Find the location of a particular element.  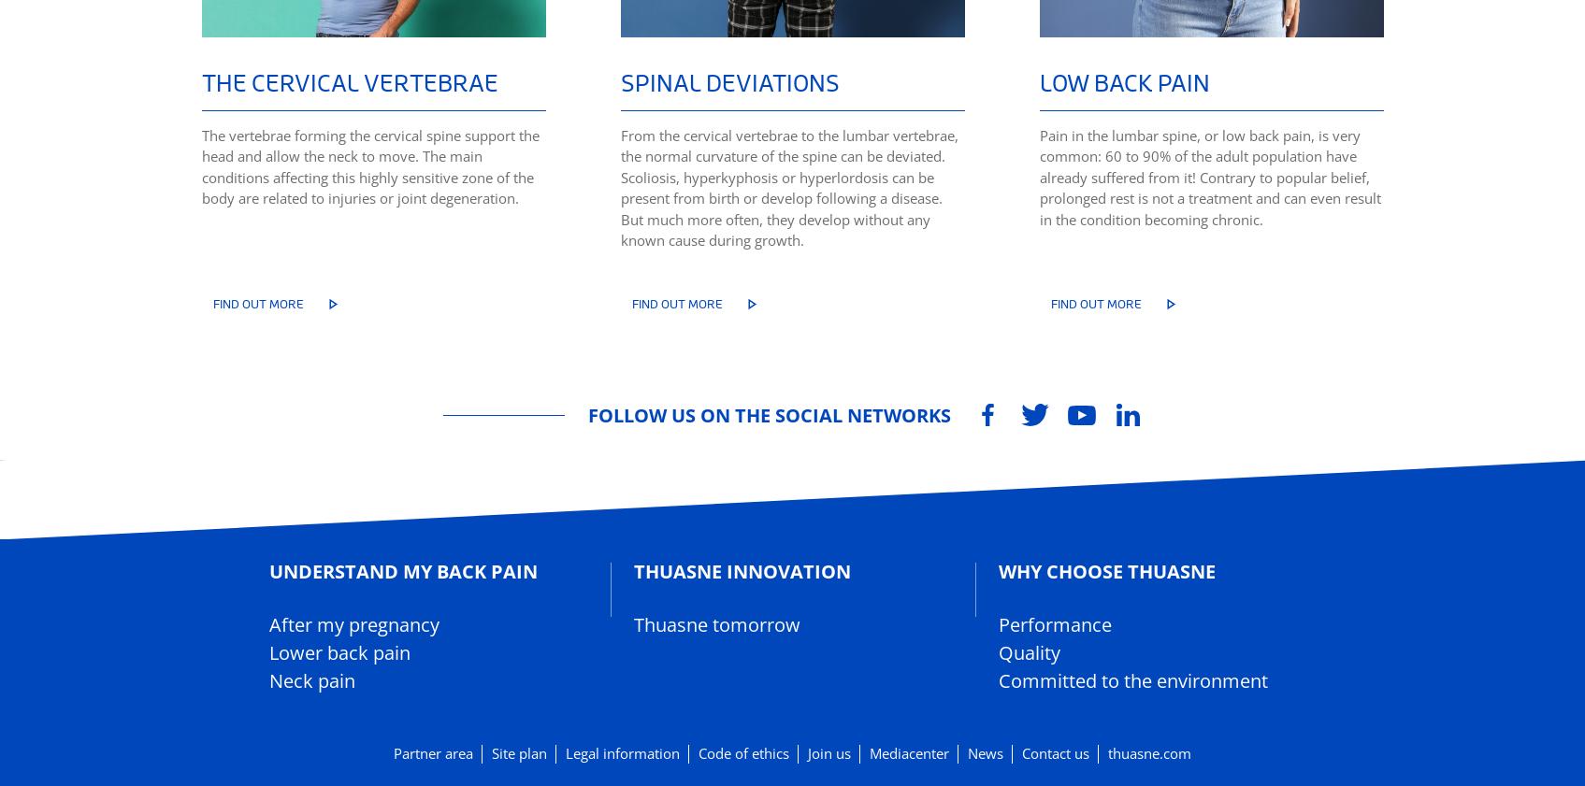

'News' is located at coordinates (985, 753).